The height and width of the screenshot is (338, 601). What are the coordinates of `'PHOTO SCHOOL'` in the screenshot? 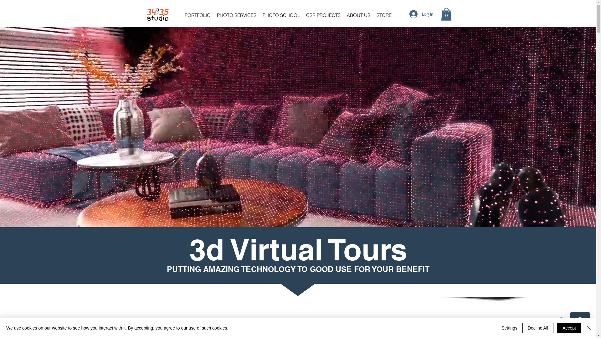 It's located at (280, 15).